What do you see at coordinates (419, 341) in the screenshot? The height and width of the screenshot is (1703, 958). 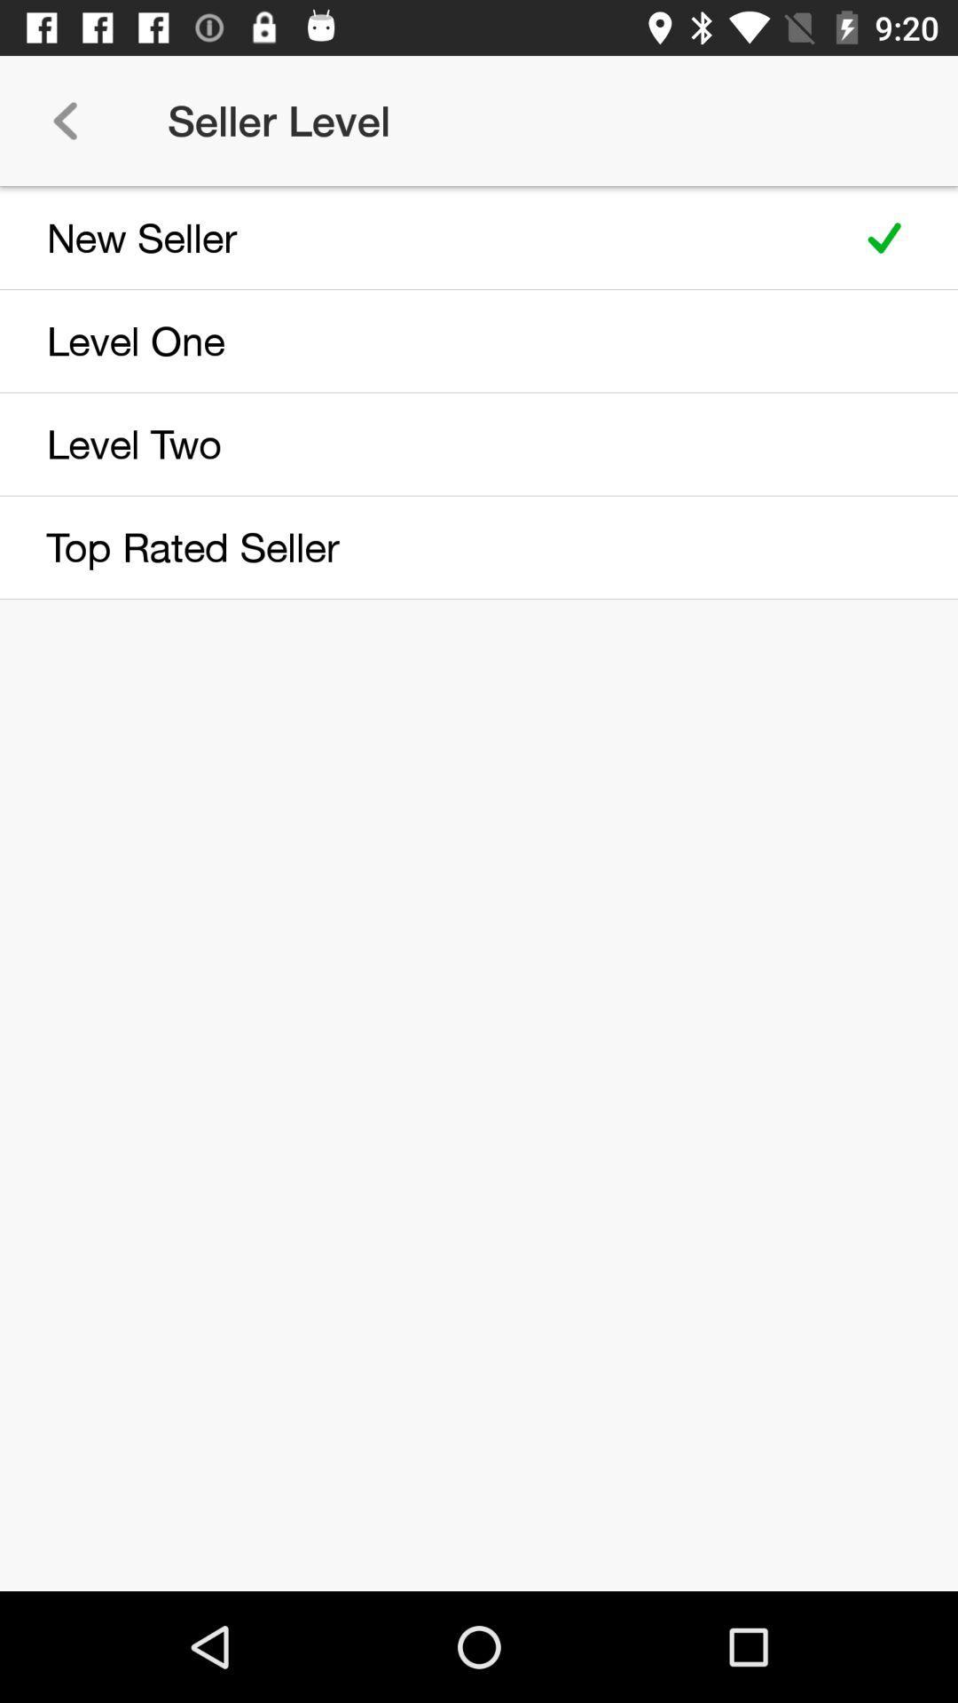 I see `the level one item` at bounding box center [419, 341].